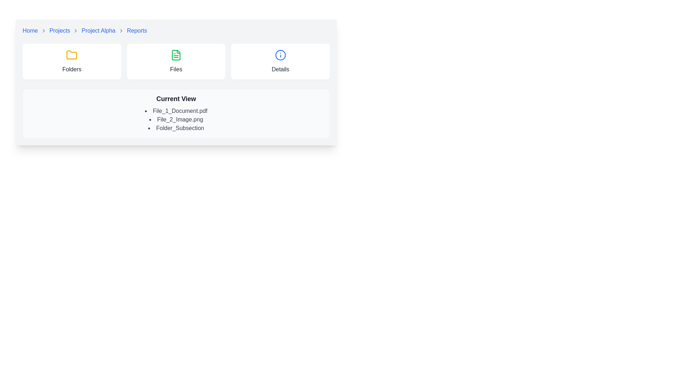 This screenshot has height=387, width=689. I want to click on the list item displaying the text 'Folder_Subsection', so click(176, 128).